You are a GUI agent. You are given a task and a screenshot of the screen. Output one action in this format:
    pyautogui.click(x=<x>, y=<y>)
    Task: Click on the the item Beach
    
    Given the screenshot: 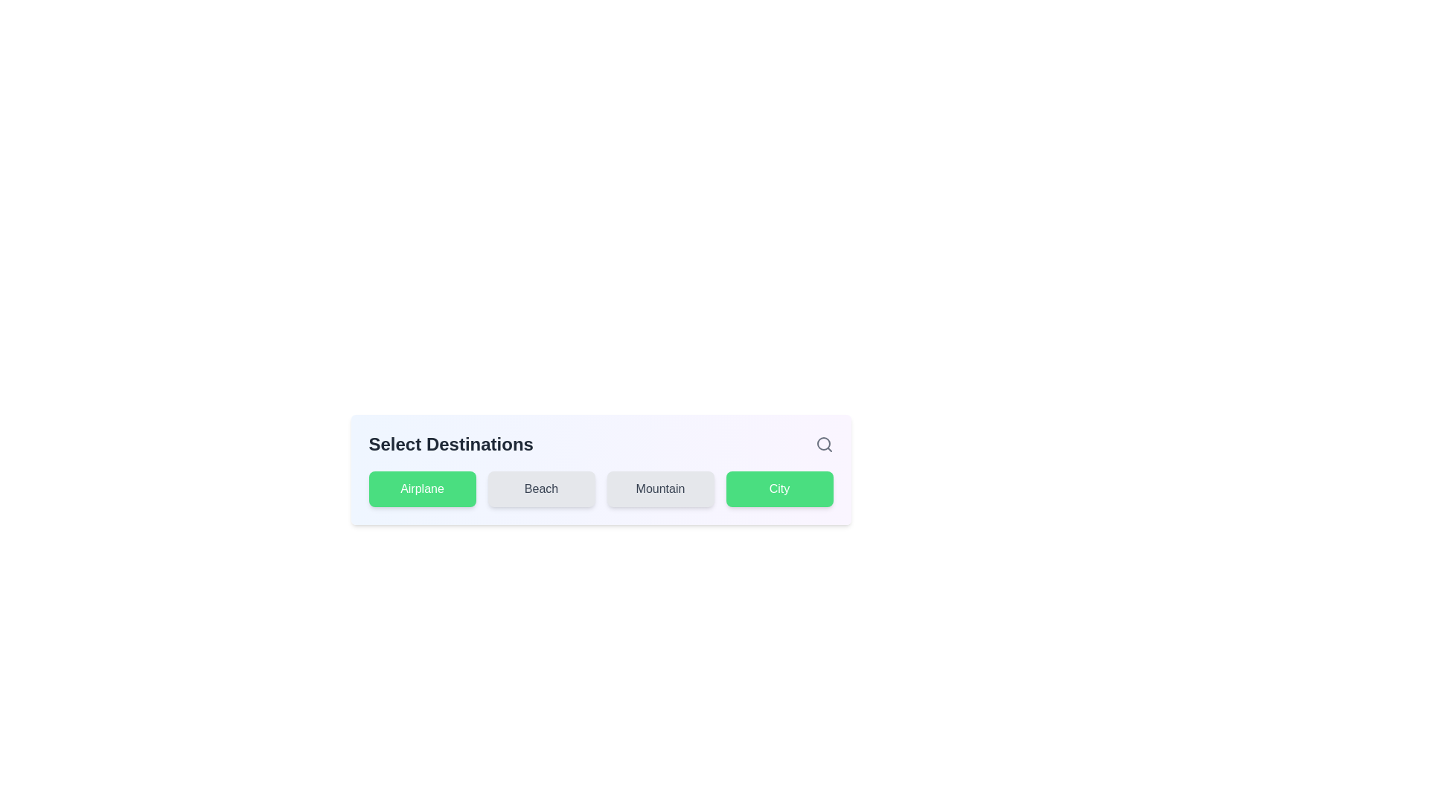 What is the action you would take?
    pyautogui.click(x=540, y=489)
    